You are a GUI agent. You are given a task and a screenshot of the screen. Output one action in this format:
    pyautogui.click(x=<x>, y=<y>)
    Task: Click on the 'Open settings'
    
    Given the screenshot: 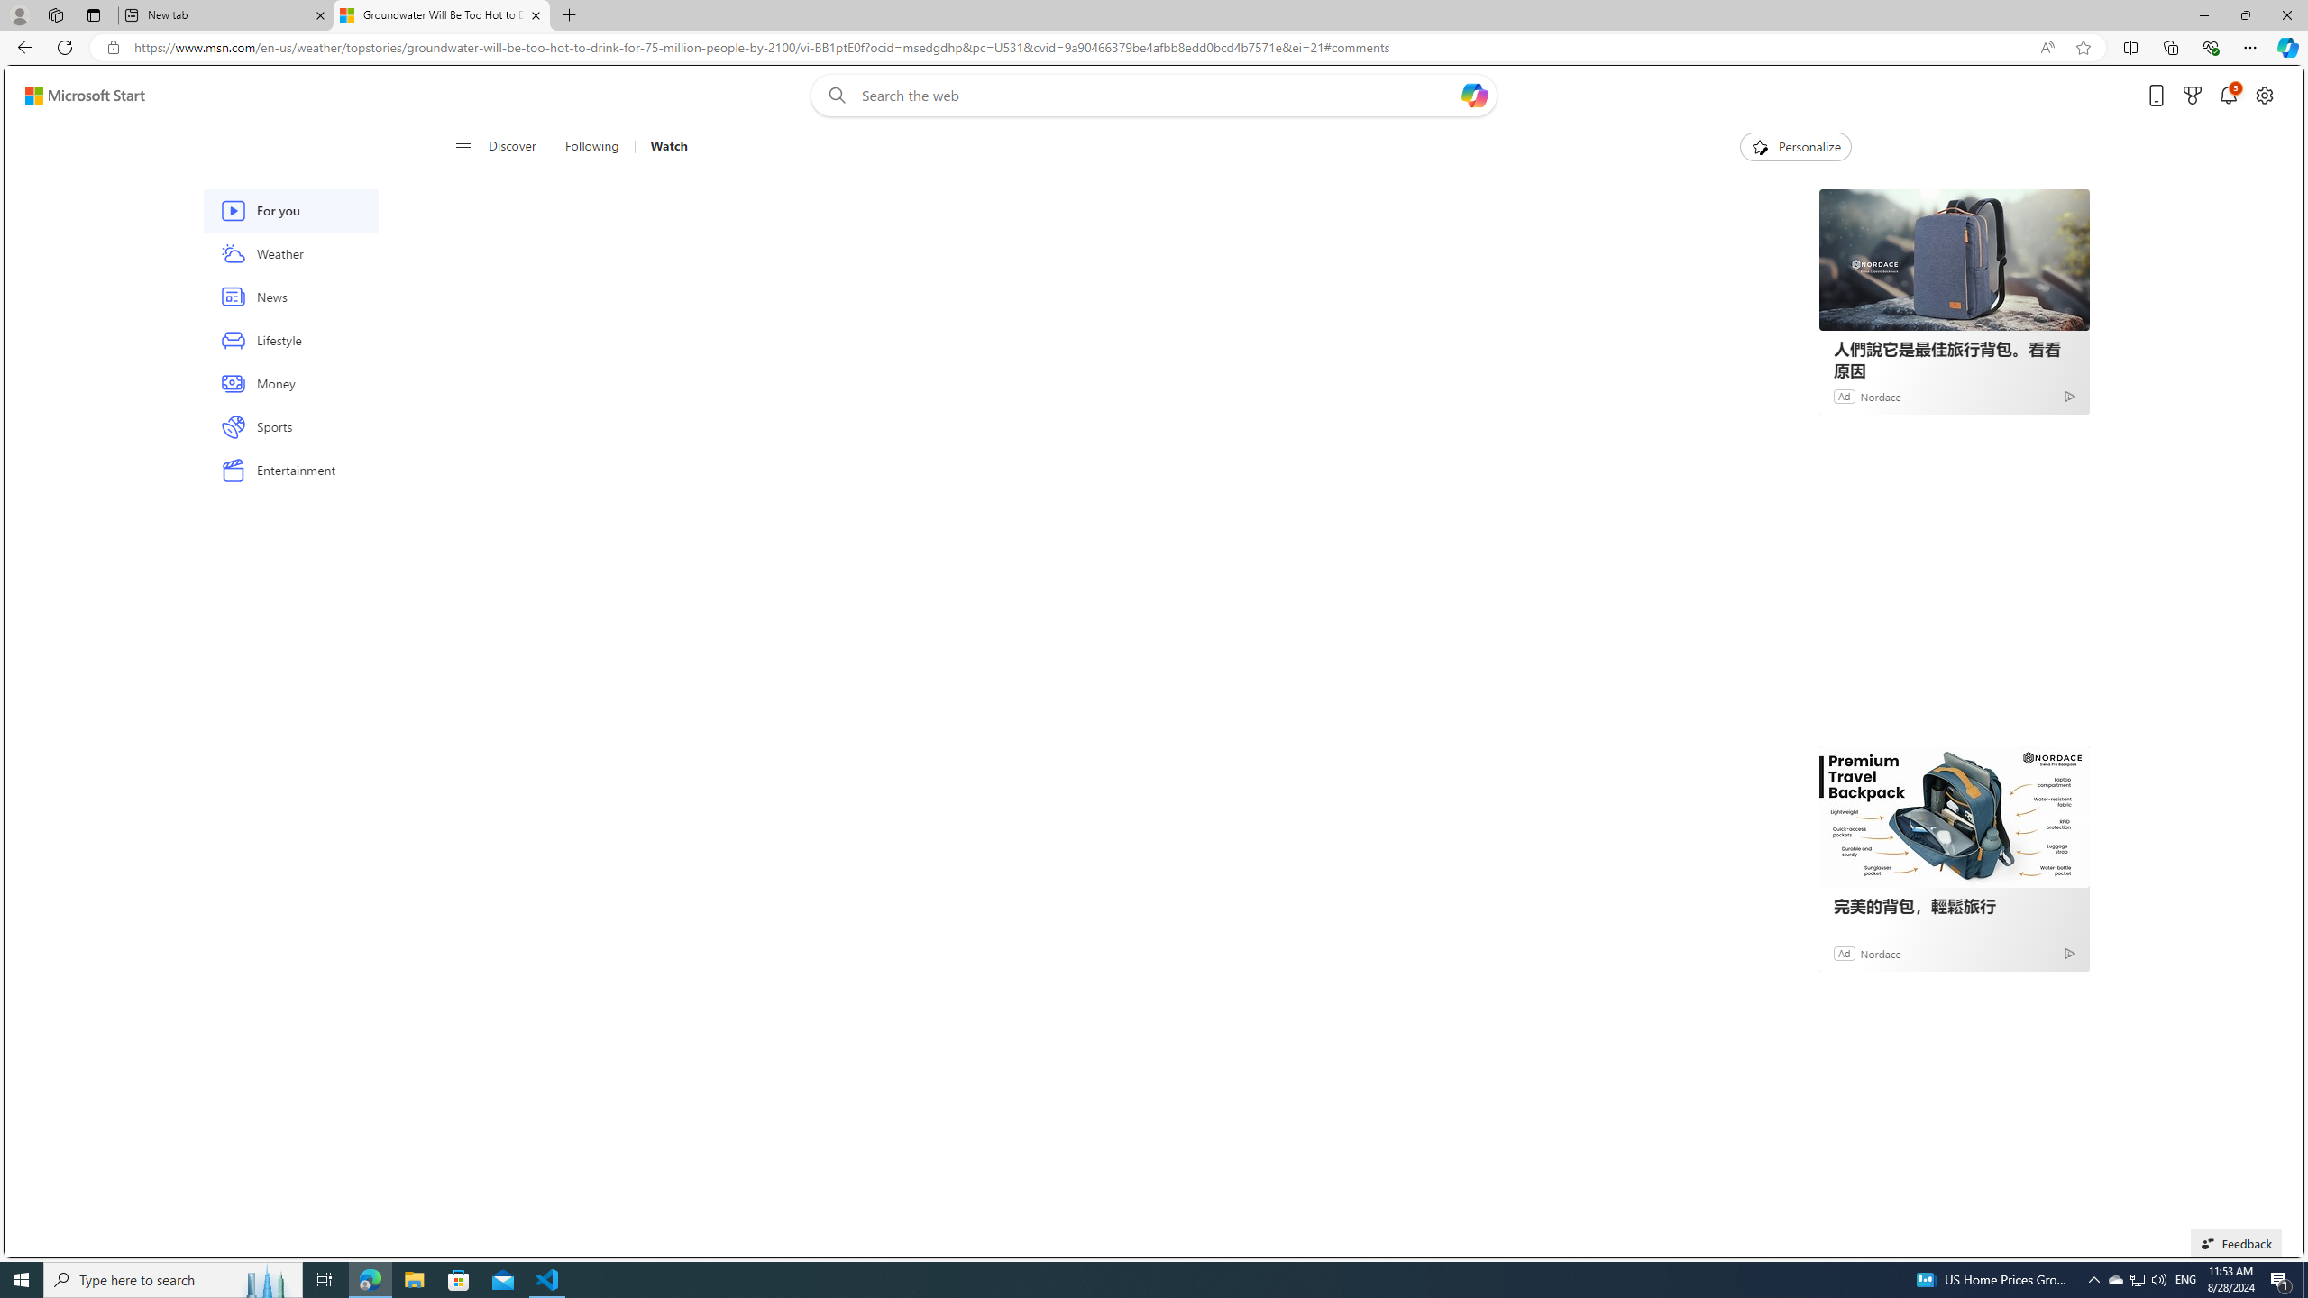 What is the action you would take?
    pyautogui.click(x=2264, y=96)
    